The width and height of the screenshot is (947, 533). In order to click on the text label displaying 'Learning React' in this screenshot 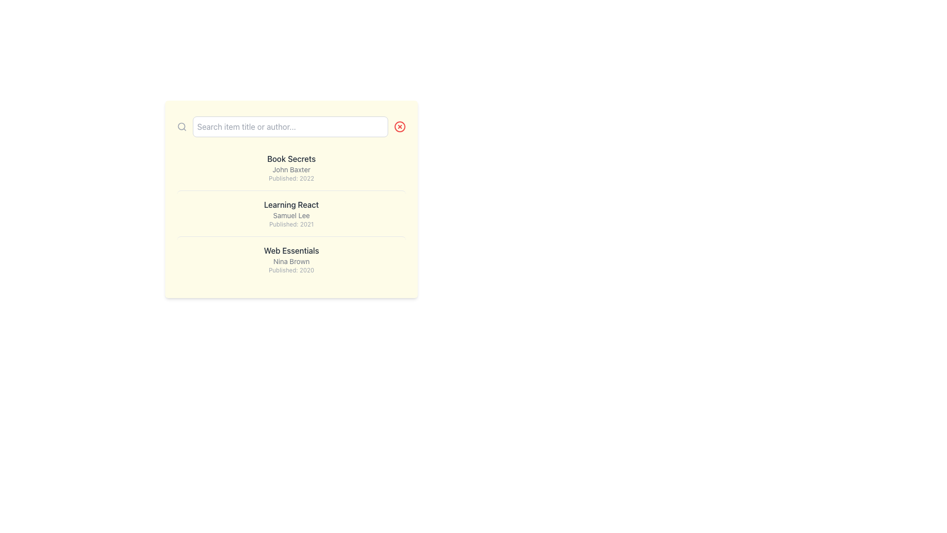, I will do `click(291, 204)`.